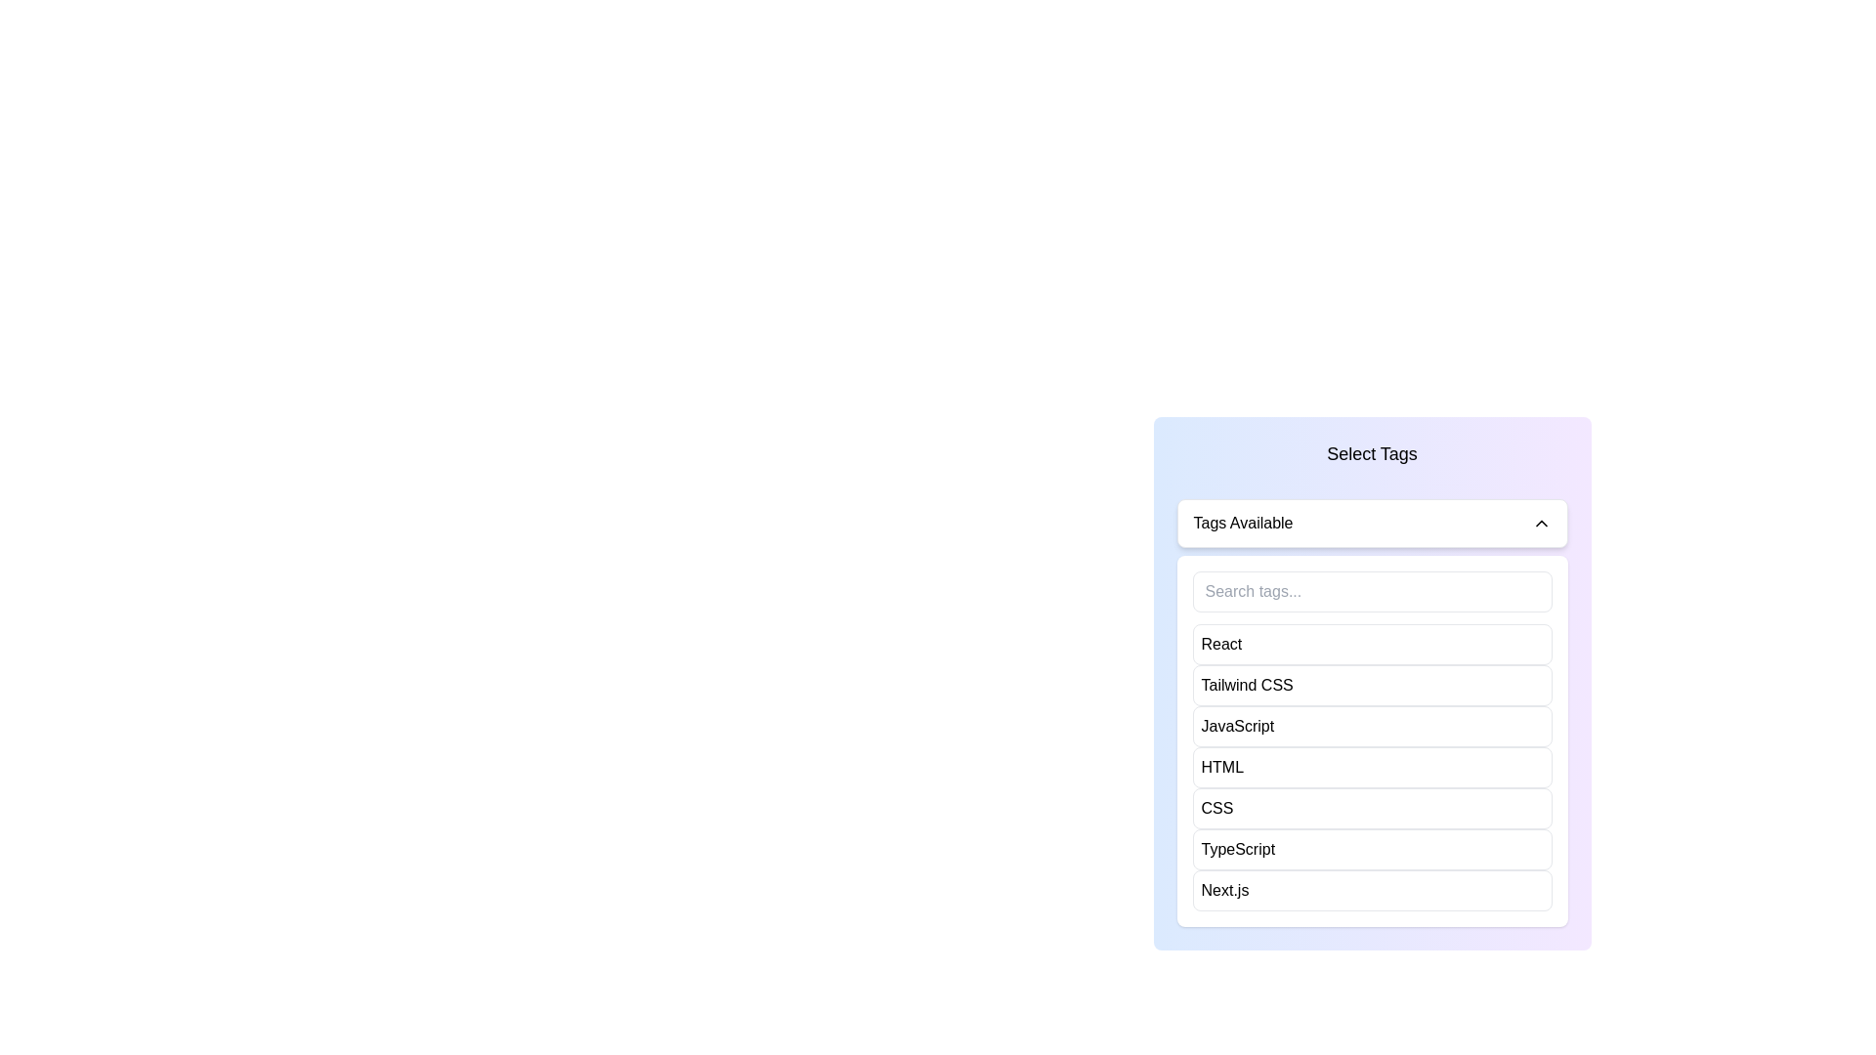 The width and height of the screenshot is (1876, 1055). I want to click on the text label containing 'HTML', so click(1371, 767).